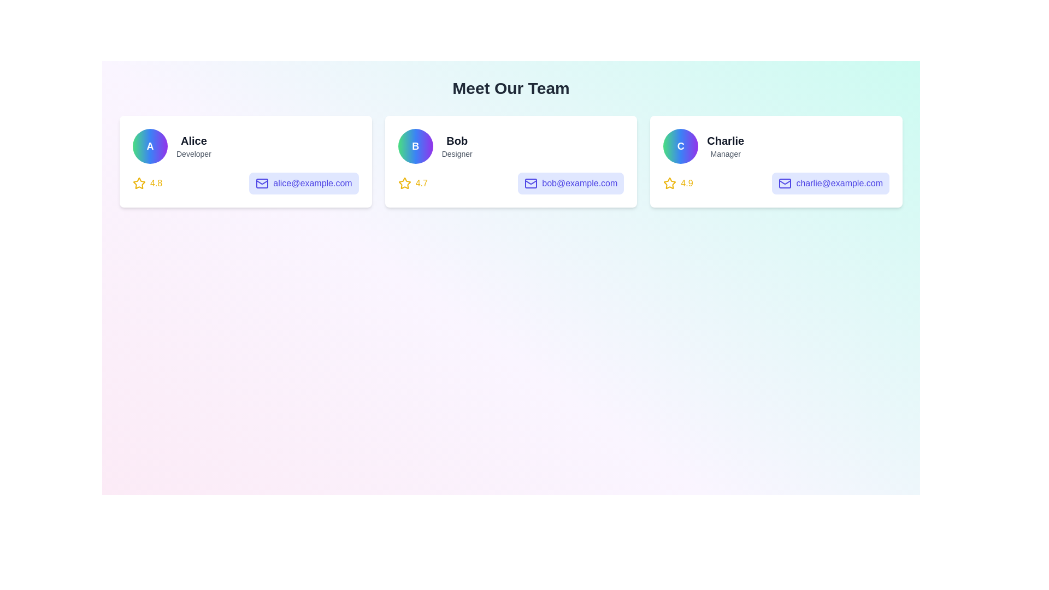  I want to click on the email address 'charlie@example.com' in the informational block displaying the rating '4.9' and contact details for Charlie, Manager, so click(776, 182).